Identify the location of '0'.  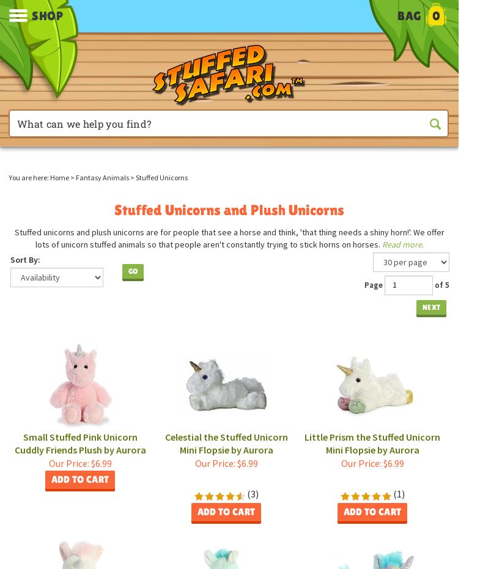
(435, 15).